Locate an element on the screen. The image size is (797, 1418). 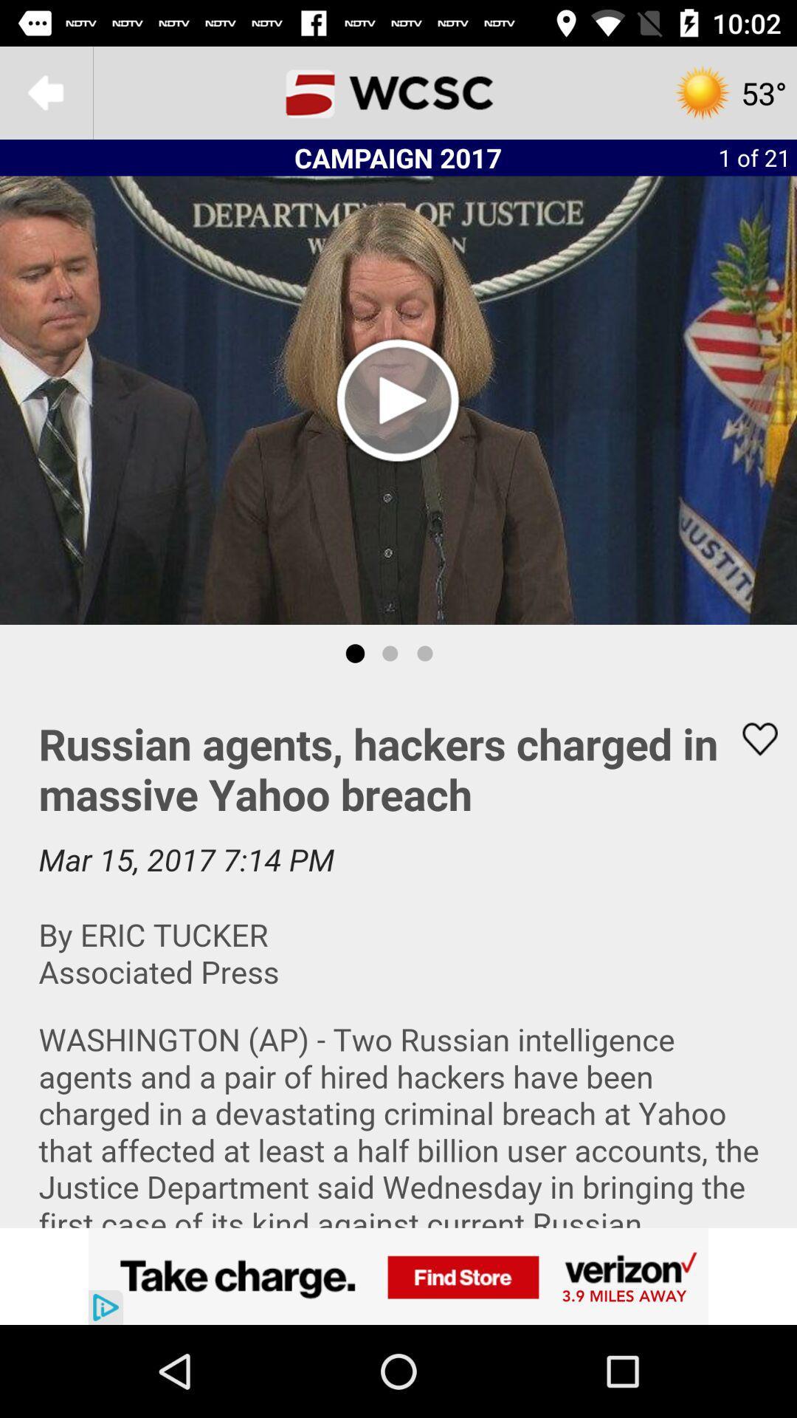
the favorite icon is located at coordinates (751, 739).